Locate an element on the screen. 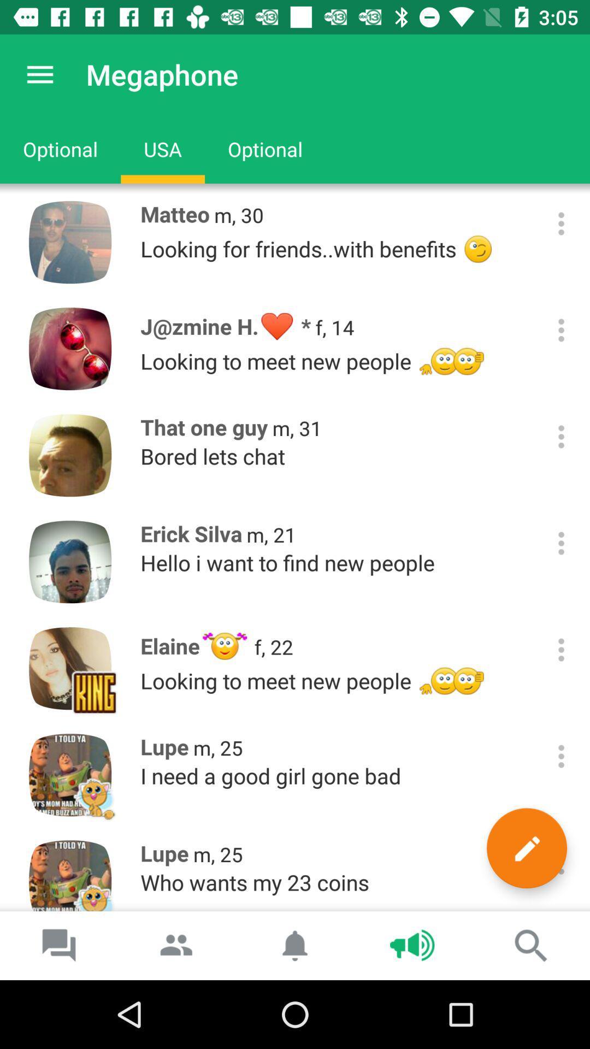  icon above optional icon is located at coordinates (39, 74).